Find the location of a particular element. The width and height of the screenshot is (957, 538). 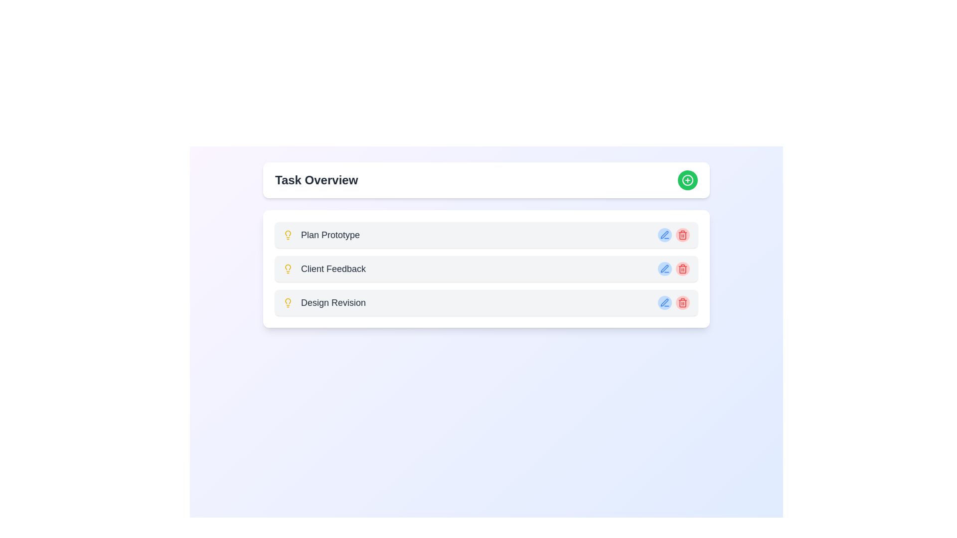

the vertical rectangular element resembling the side panel of a trash can, located towards the middle-right of the red trash can icon is located at coordinates (682, 269).